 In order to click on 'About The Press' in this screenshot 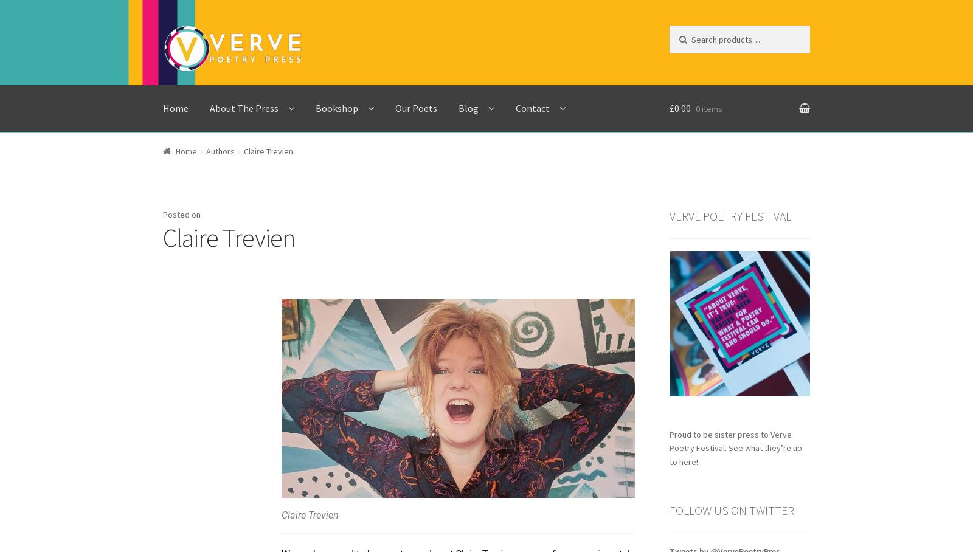, I will do `click(243, 106)`.